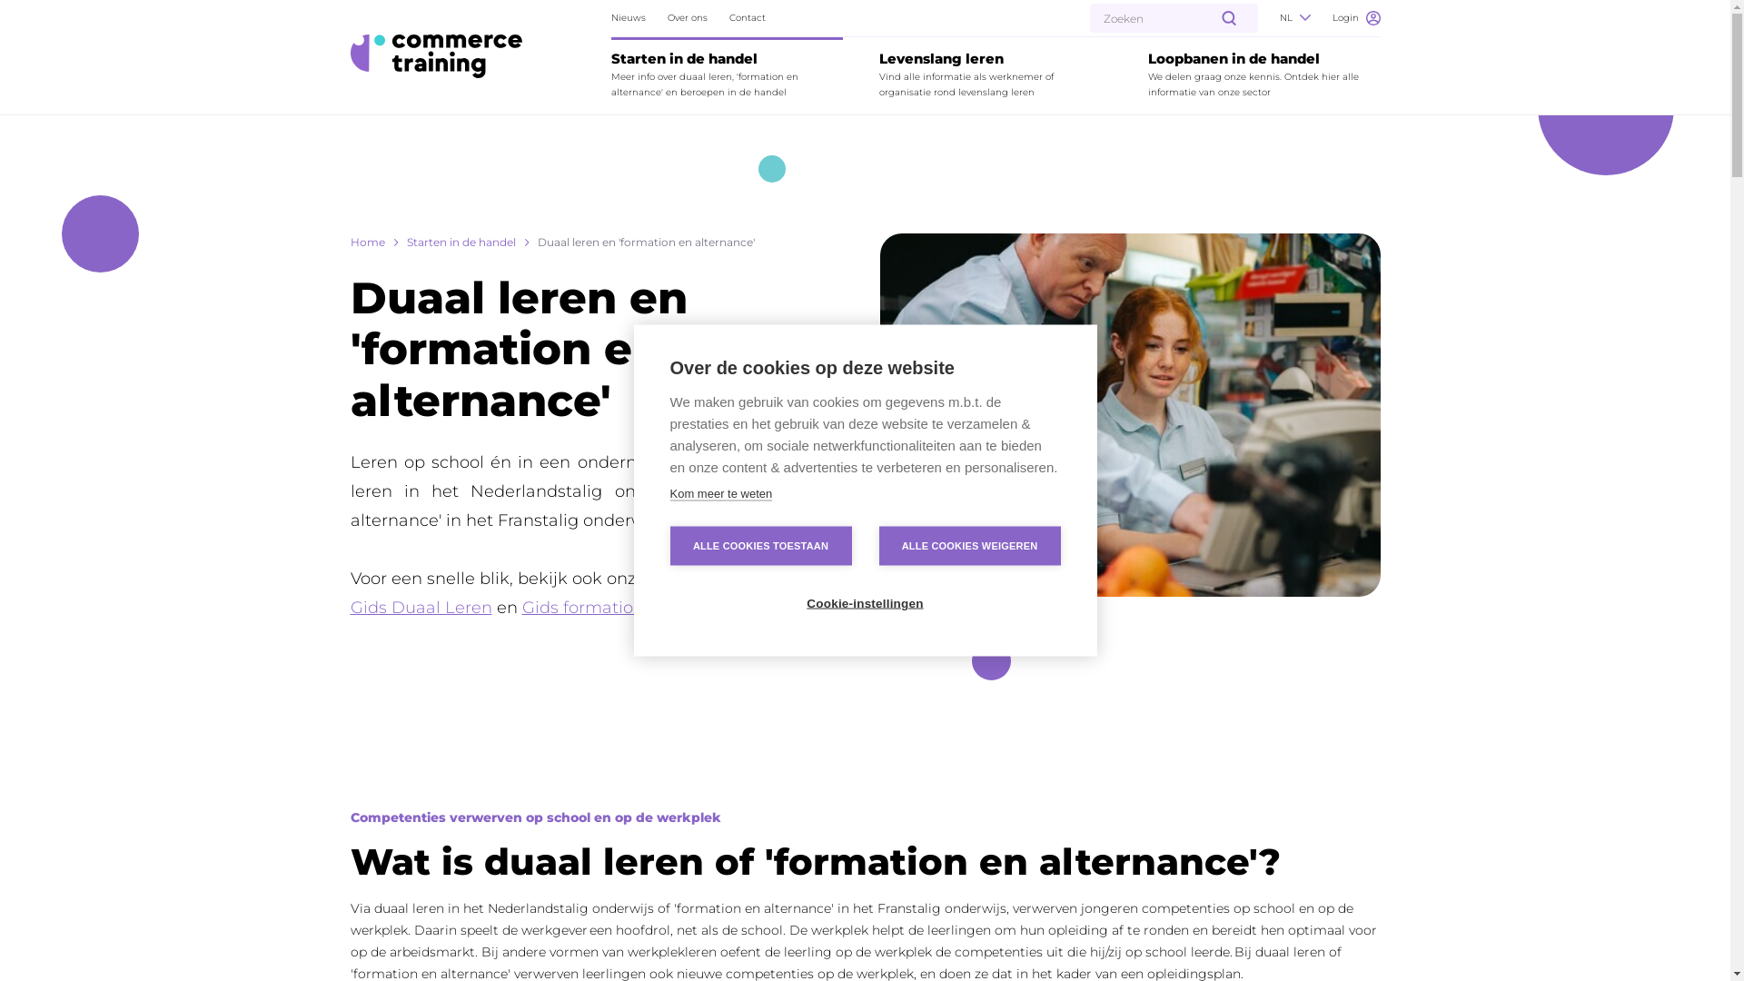  I want to click on 'Home', so click(350, 241).